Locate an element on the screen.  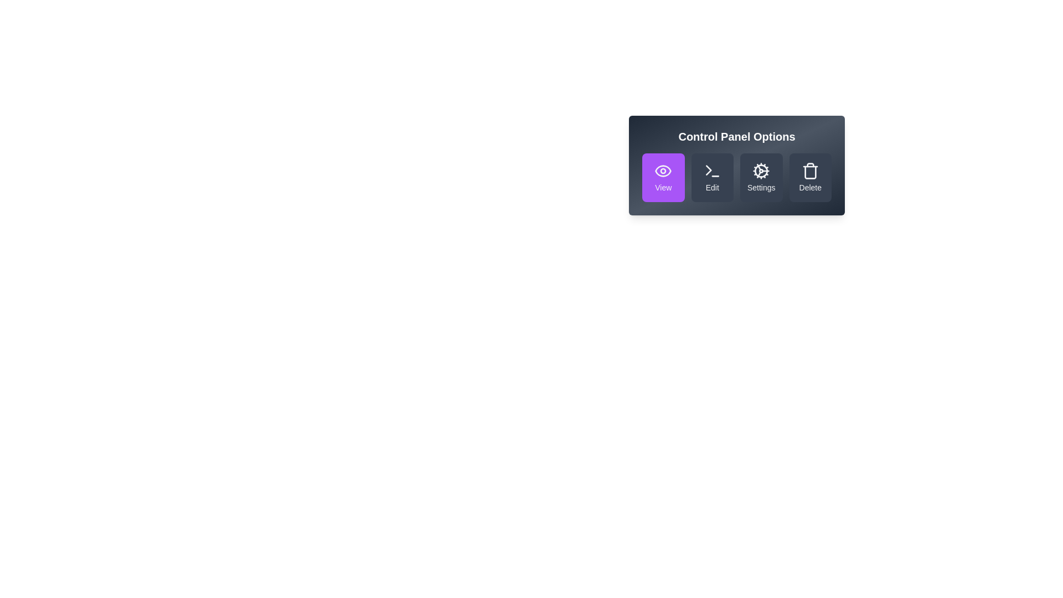
the graphical icon component located to the left of the text 'Edit' in the control panel interface, which is part of the terminal icon representation is located at coordinates (709, 170).